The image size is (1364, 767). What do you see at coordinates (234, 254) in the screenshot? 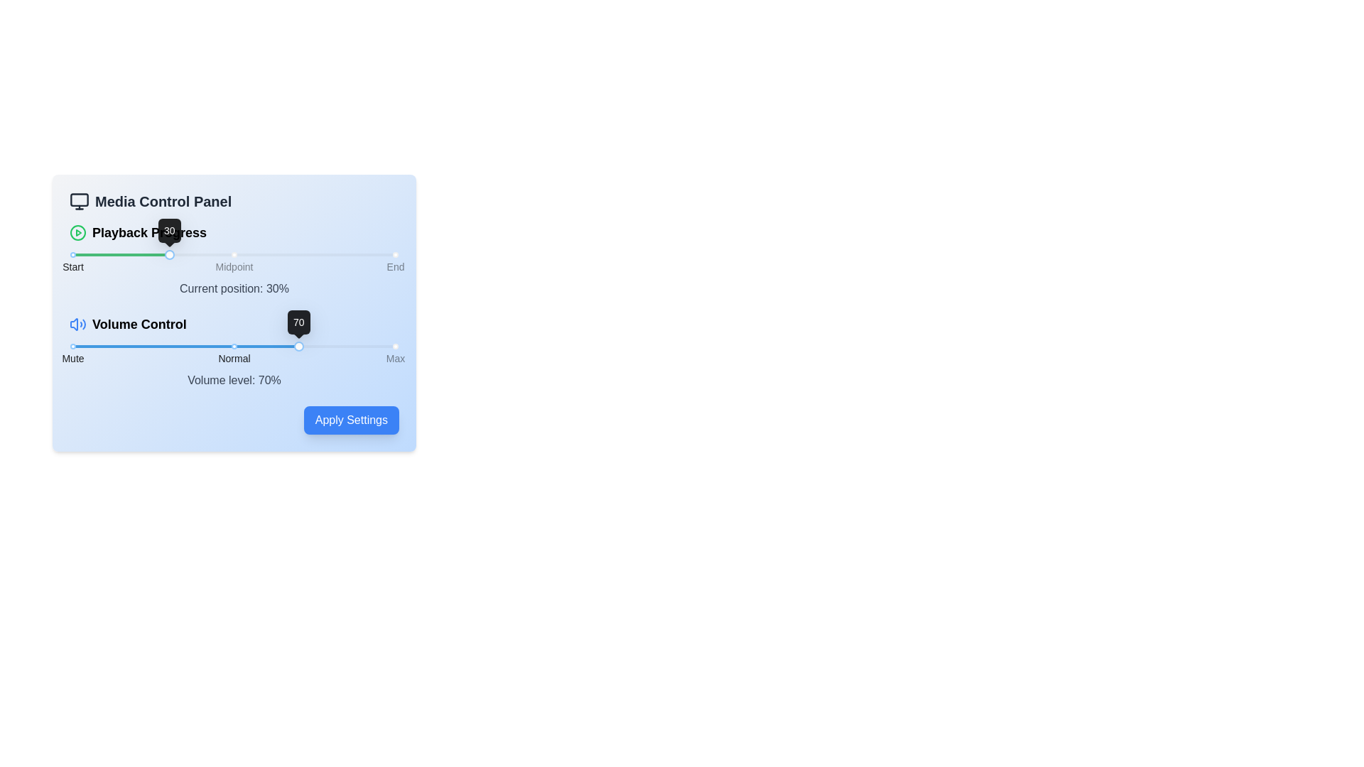
I see `the horizontal slider rail of the 'Playback Progress' component, which is visually styled in red and serves as the track for the slider handle` at bounding box center [234, 254].